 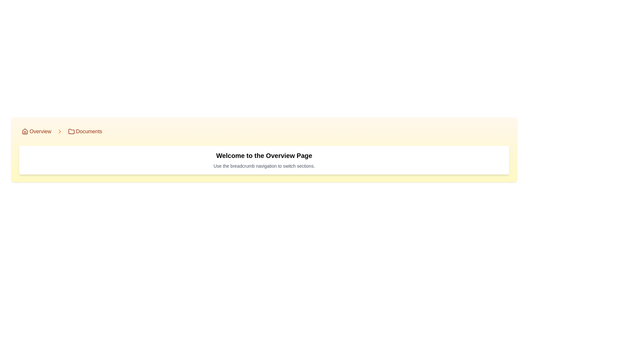 What do you see at coordinates (25, 131) in the screenshot?
I see `the home icon located in the breadcrumb navigation bar at the top left of the interface, preceding the text 'Overview'` at bounding box center [25, 131].